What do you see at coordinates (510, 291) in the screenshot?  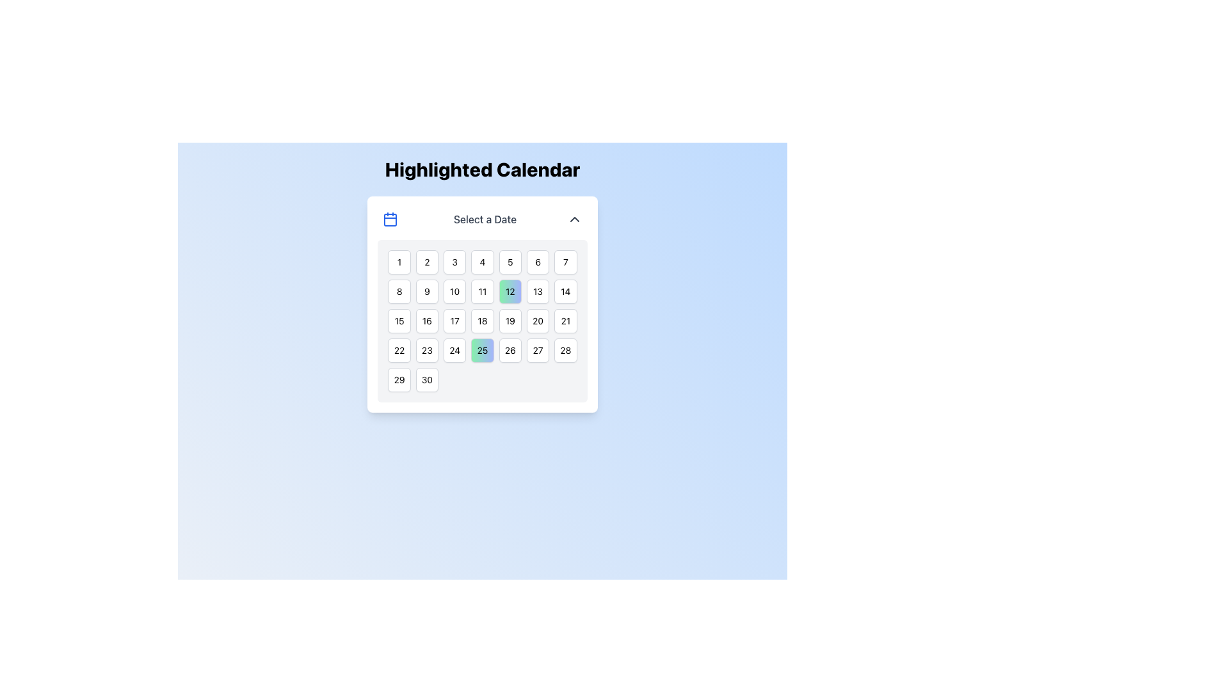 I see `the rounded square button displaying the number '12' in the center of a gradient background, located in the second row and fifth column of the calendar interface` at bounding box center [510, 291].